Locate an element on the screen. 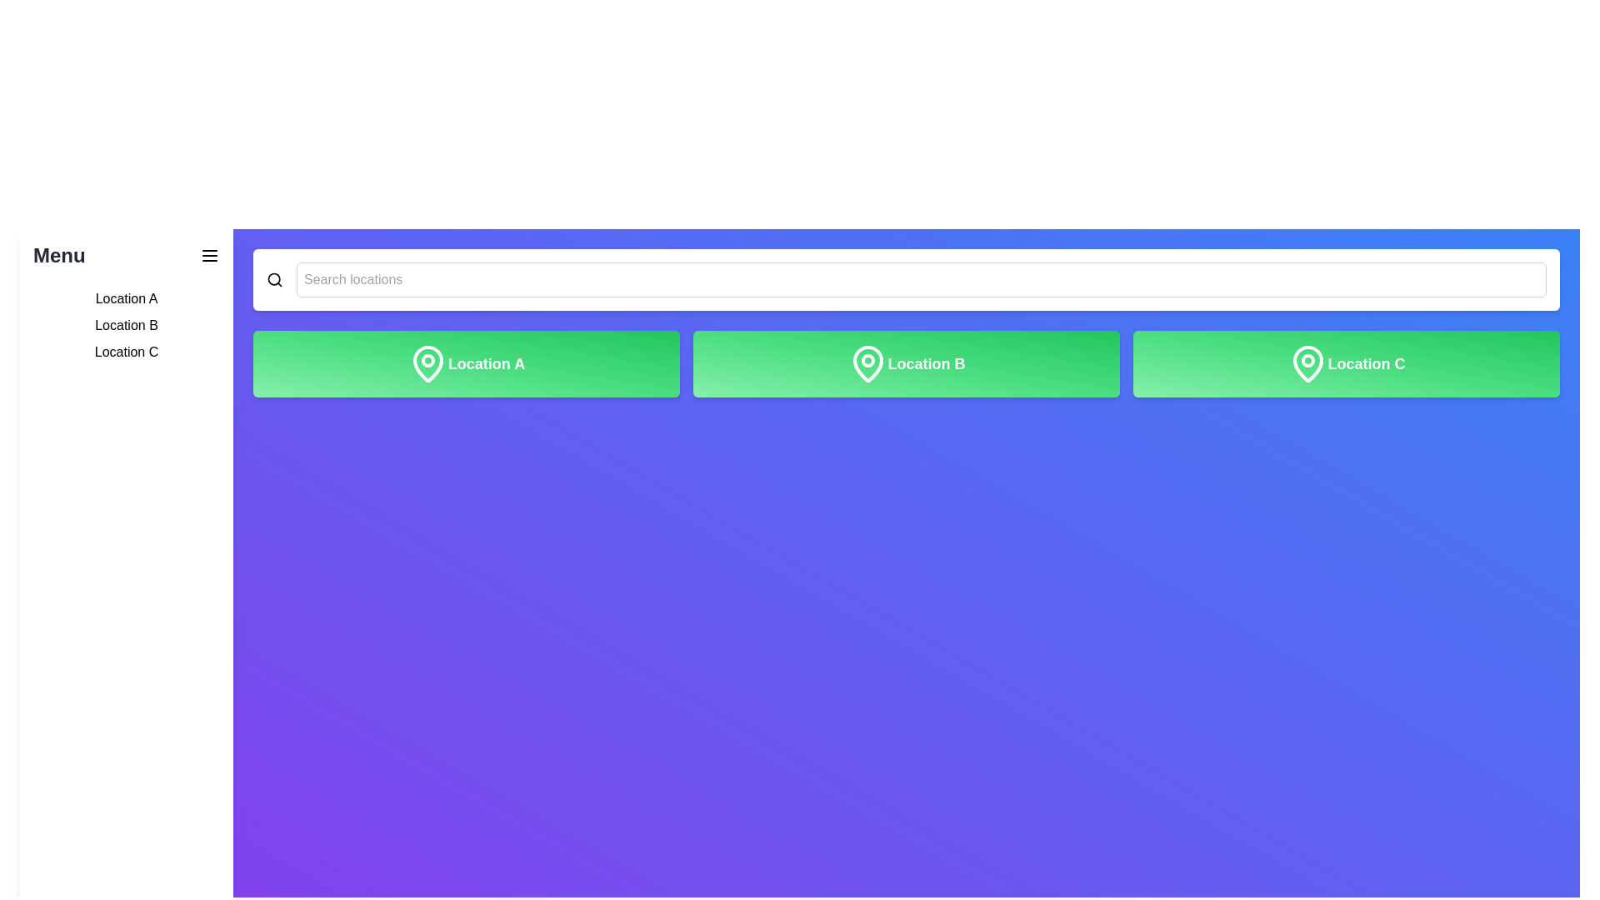 This screenshot has width=1600, height=900. the pin-shaped icon with a filled circle at its center, which is displayed in white against a green background and is located above the text 'Location B' is located at coordinates (867, 362).